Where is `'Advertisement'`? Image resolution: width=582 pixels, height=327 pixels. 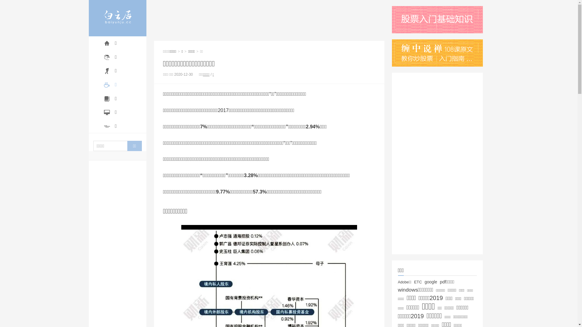 'Advertisement' is located at coordinates (269, 19).